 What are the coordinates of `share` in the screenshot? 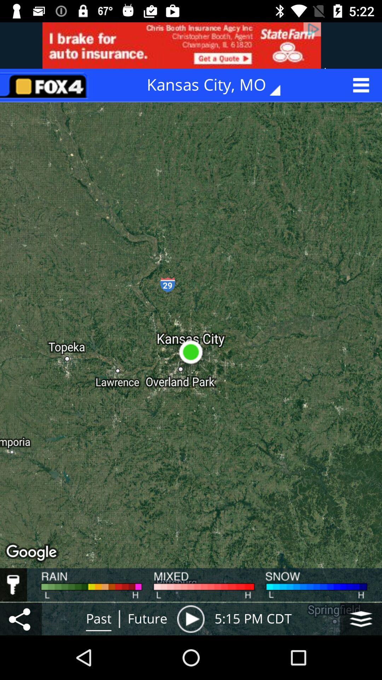 It's located at (21, 618).